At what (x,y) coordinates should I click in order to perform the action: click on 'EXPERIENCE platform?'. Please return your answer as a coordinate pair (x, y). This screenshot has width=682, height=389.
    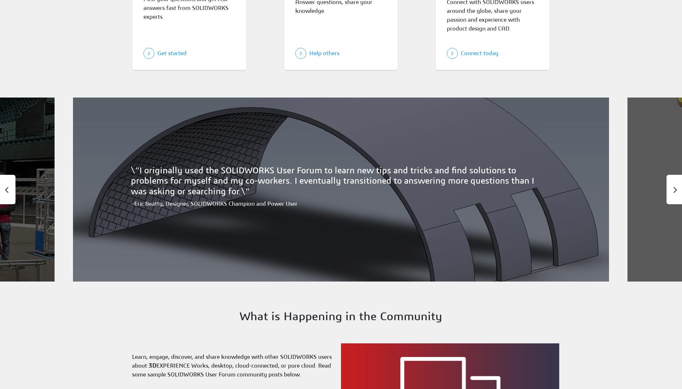
    Looking at the image, I should click on (345, 169).